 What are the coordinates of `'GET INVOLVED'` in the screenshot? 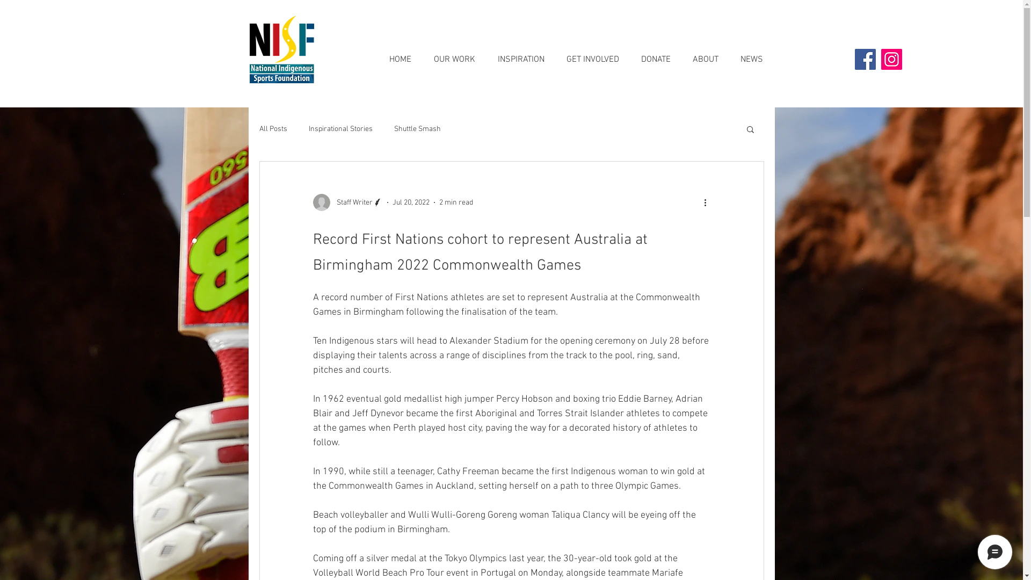 It's located at (592, 55).